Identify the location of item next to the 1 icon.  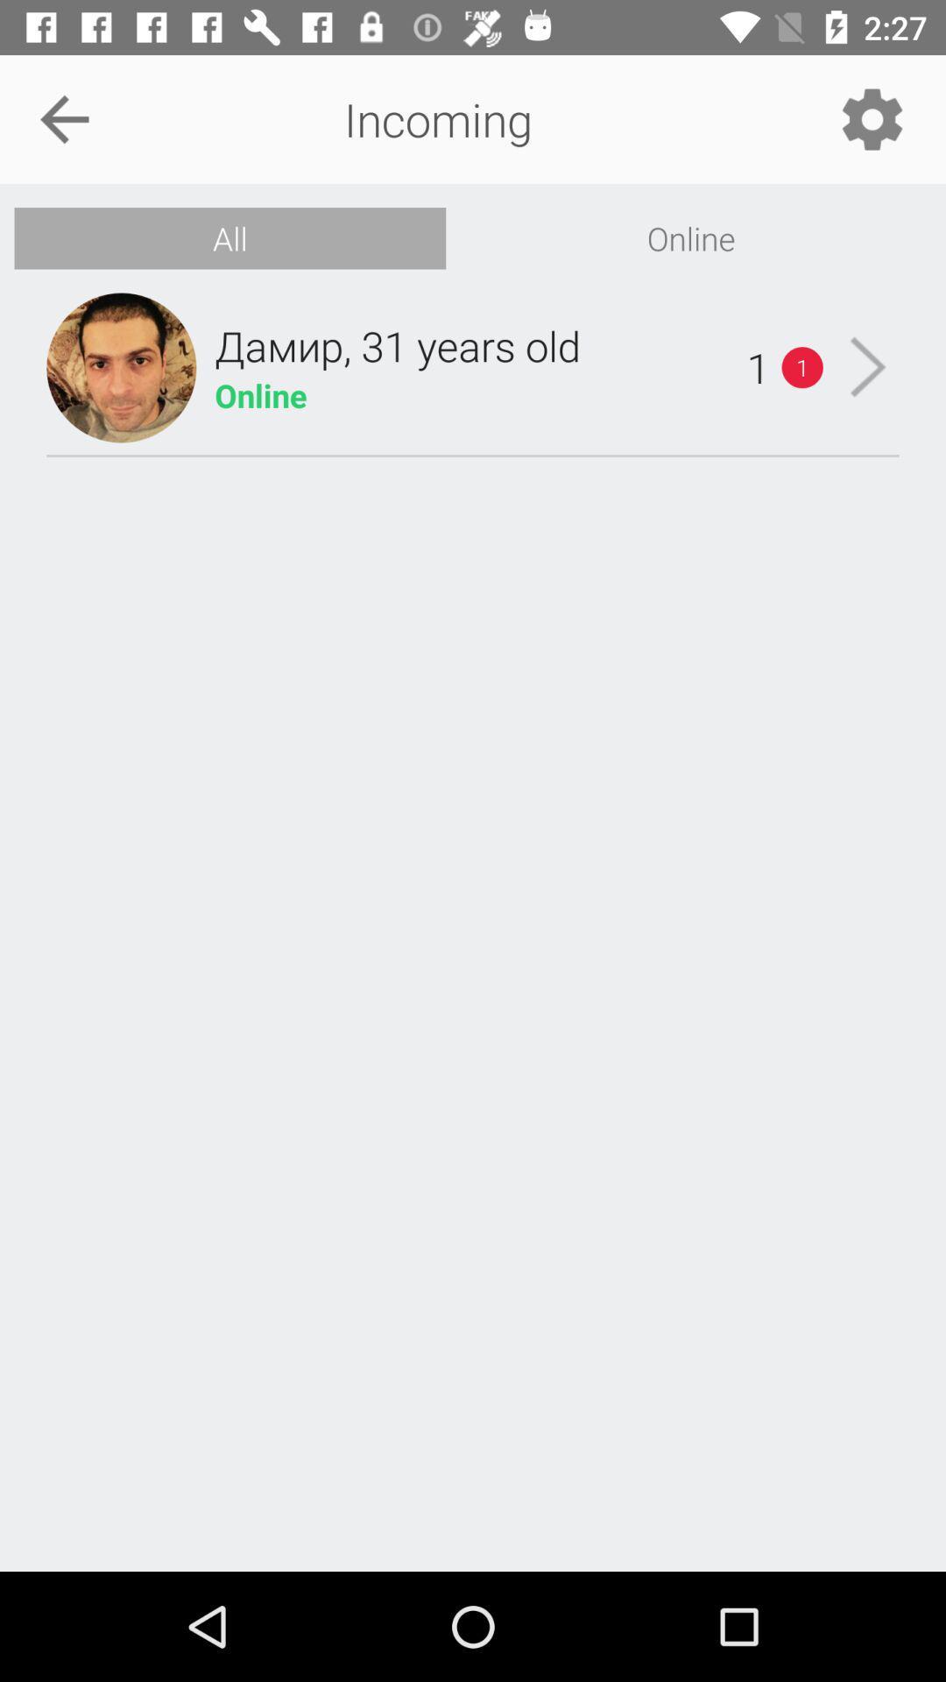
(398, 345).